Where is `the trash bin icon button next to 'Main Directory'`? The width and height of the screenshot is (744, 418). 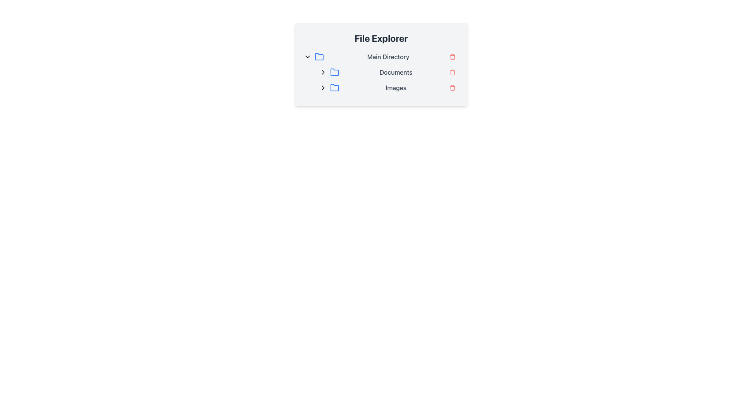
the trash bin icon button next to 'Main Directory' is located at coordinates (452, 56).